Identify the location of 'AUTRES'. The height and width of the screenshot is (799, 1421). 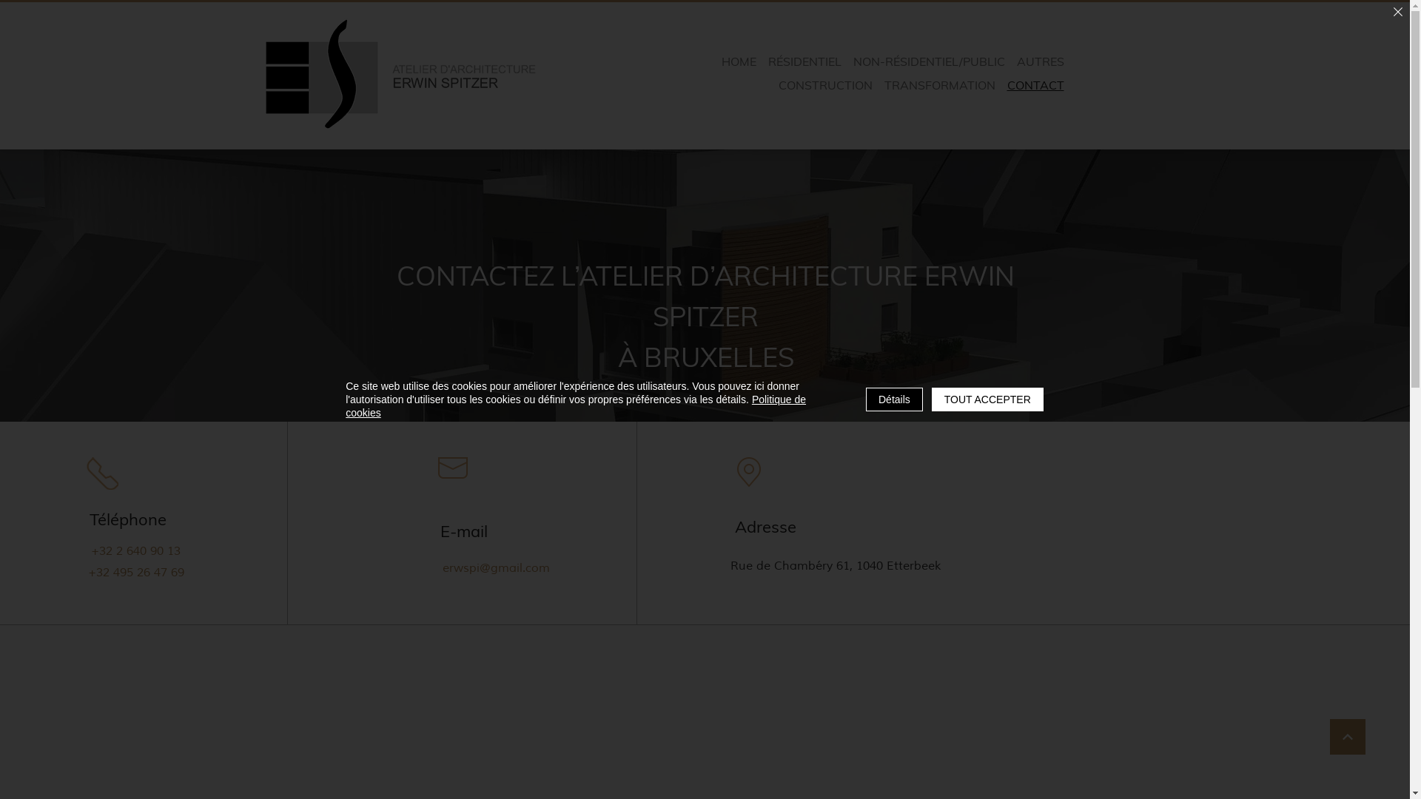
(1012, 61).